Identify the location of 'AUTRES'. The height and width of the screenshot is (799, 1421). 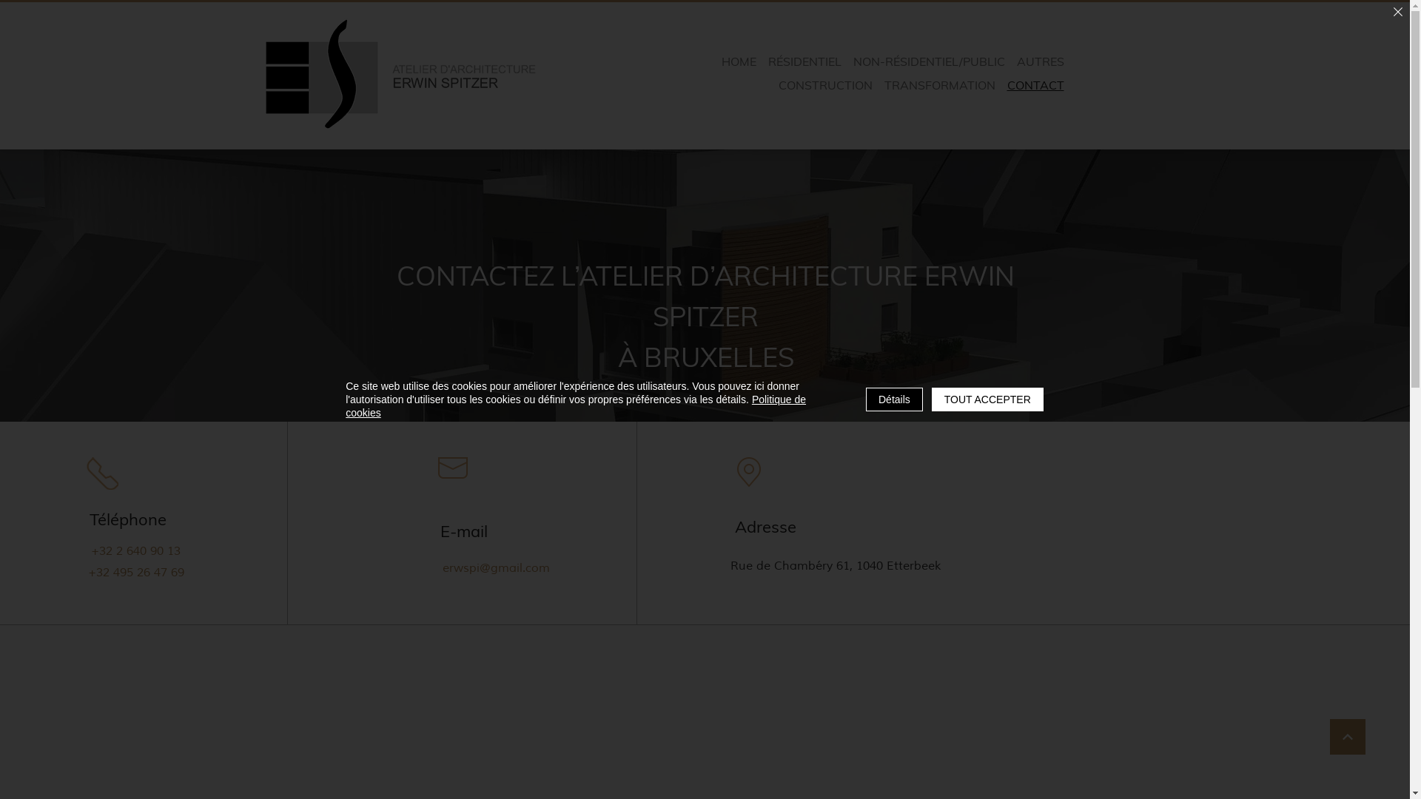
(1012, 61).